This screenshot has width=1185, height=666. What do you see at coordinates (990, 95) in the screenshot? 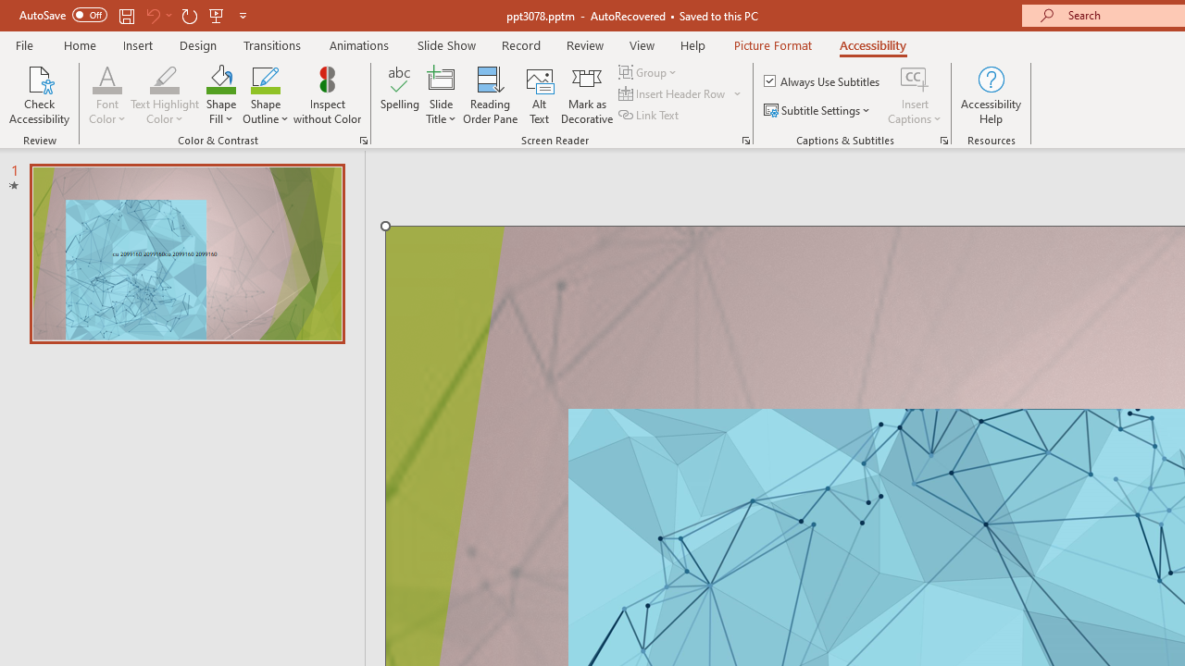
I see `'Accessibility Help'` at bounding box center [990, 95].